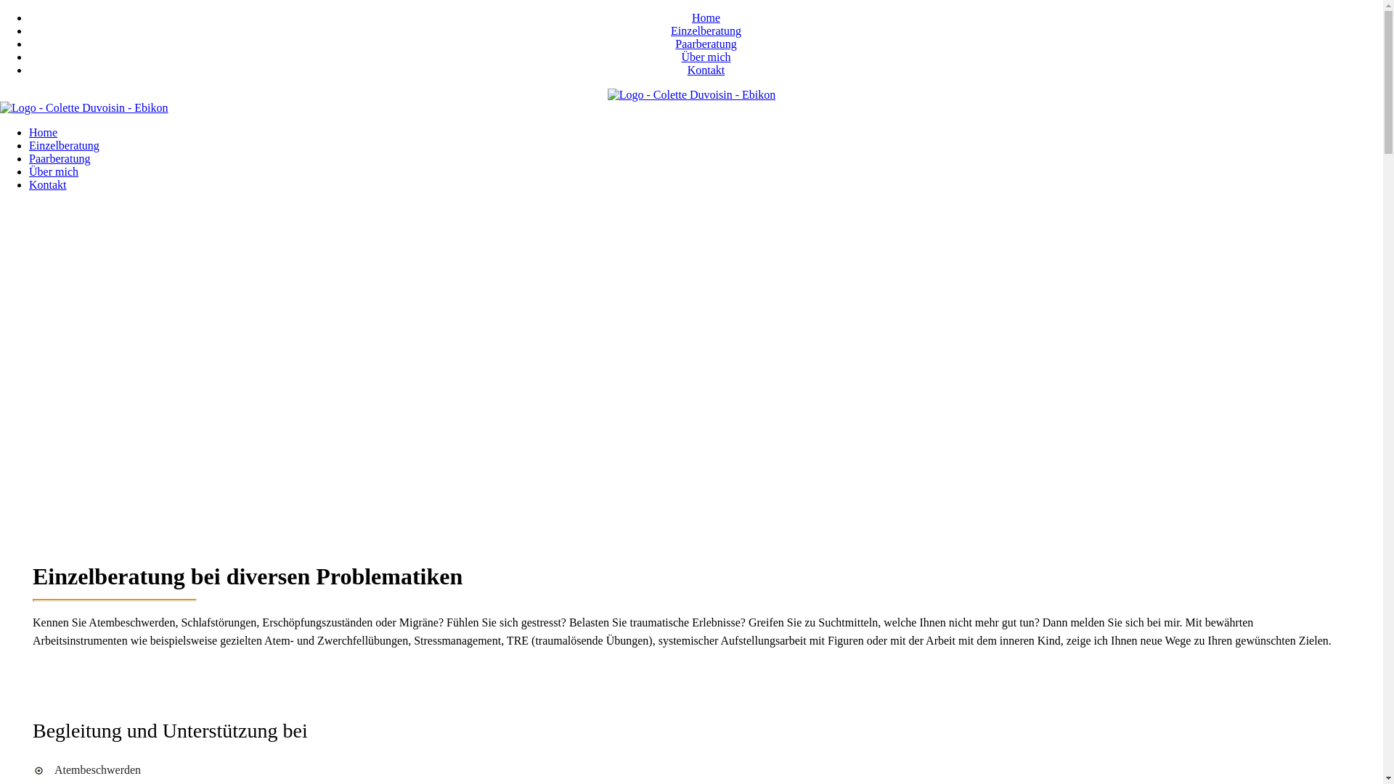  Describe the element at coordinates (43, 132) in the screenshot. I see `'Home'` at that location.